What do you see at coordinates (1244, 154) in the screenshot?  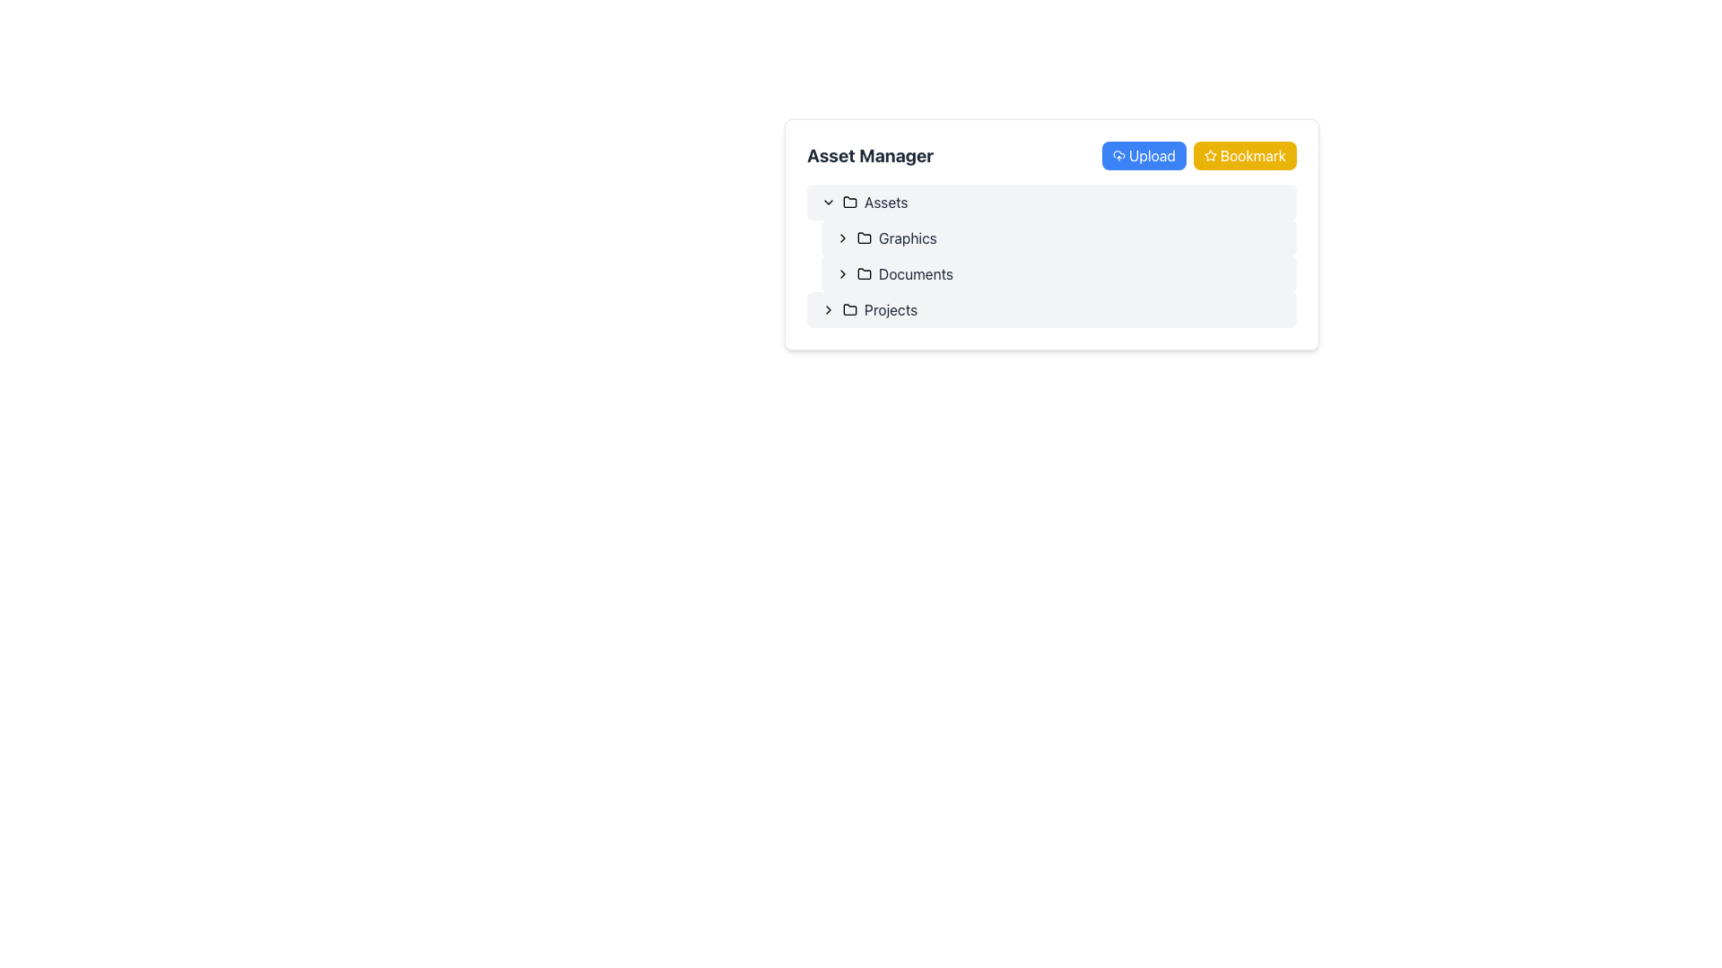 I see `the 'Bookmark' button with a yellow background, white text, and star icon` at bounding box center [1244, 154].